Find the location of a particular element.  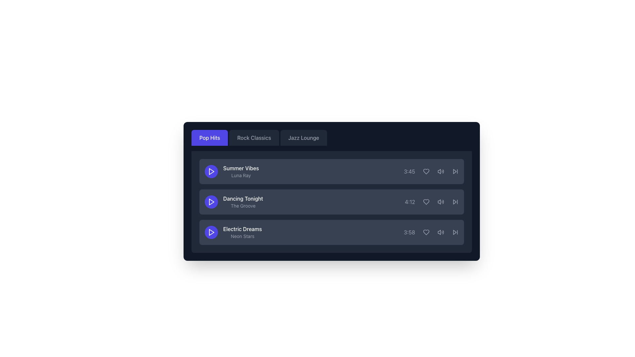

the 'Jazz Lounge' button, which is a rectangular button with rounded corners and a gray background, positioned to the right of 'Pop Hits' and 'Rock Classics' in the music selection interface is located at coordinates (303, 137).